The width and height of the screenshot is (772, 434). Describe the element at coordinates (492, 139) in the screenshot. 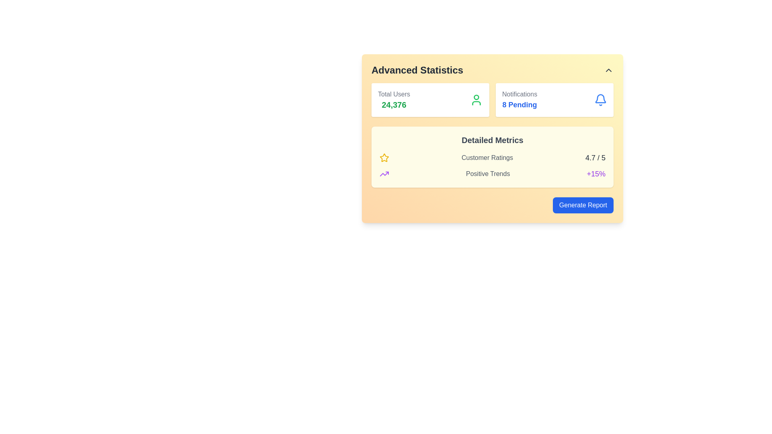

I see `the bold header with the text 'Detailed Metrics' that is centrally aligned at the top of the customer ratings and trends section` at that location.